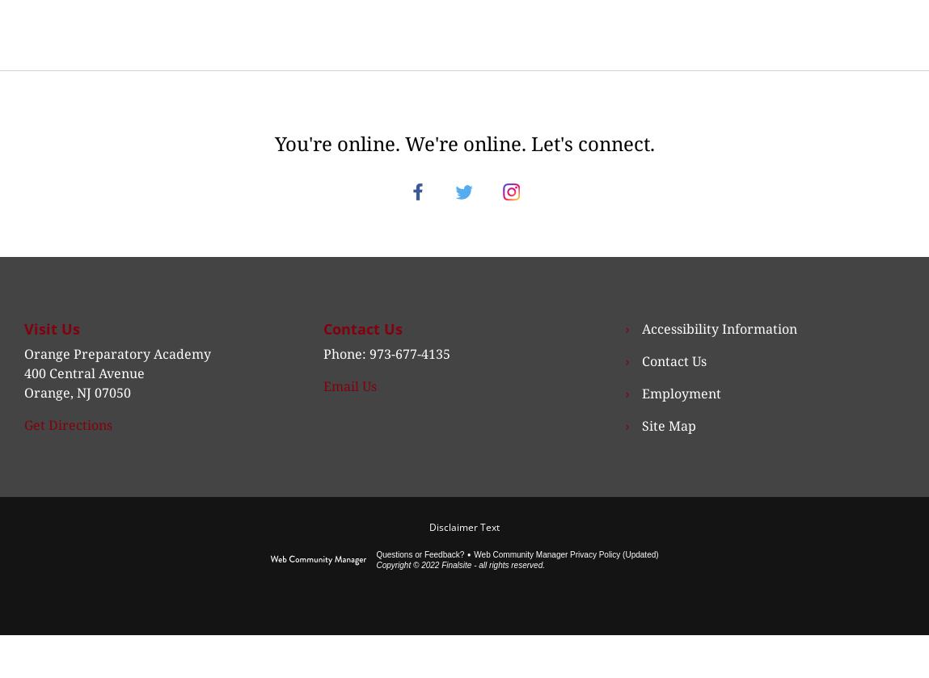 The width and height of the screenshot is (929, 678). What do you see at coordinates (83, 391) in the screenshot?
I see `'400 Central Avenue'` at bounding box center [83, 391].